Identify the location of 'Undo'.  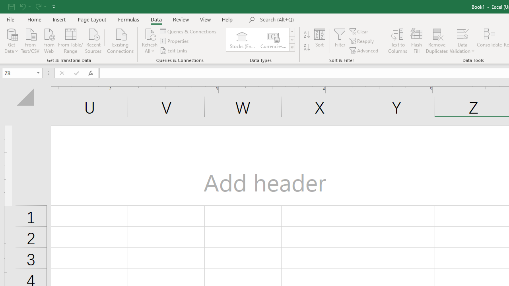
(25, 6).